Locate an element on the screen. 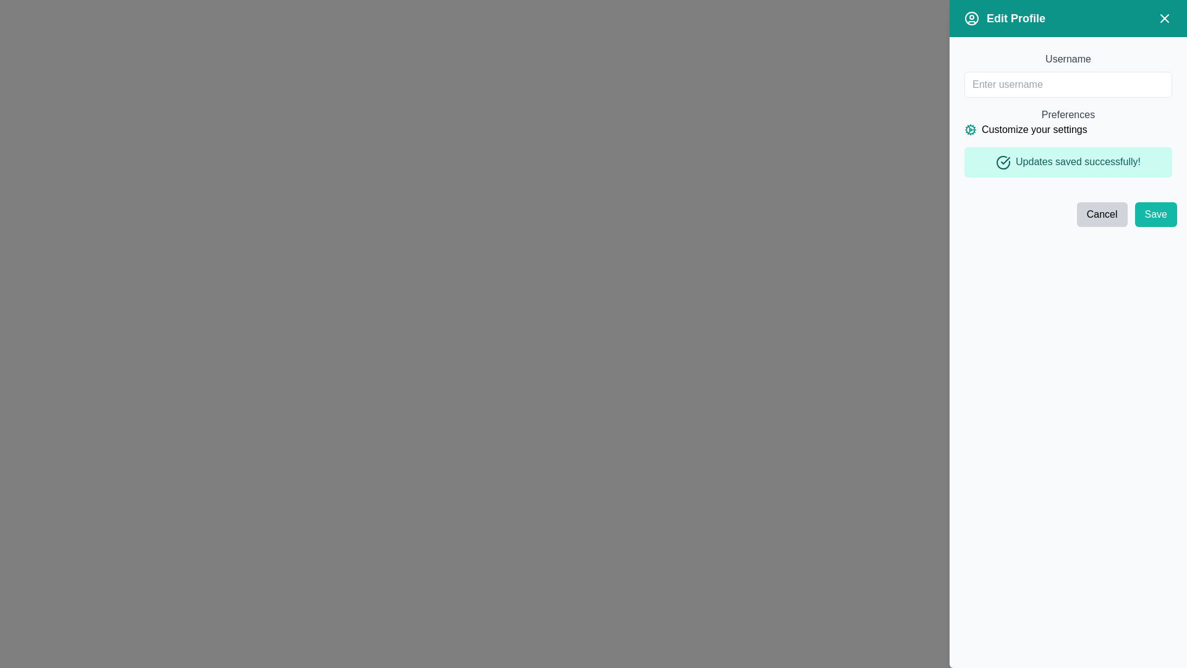 This screenshot has width=1187, height=668. the profile icon located in the top left part of the teal-colored header bar, positioned immediately to the left of the 'Edit Profile' text is located at coordinates (971, 19).